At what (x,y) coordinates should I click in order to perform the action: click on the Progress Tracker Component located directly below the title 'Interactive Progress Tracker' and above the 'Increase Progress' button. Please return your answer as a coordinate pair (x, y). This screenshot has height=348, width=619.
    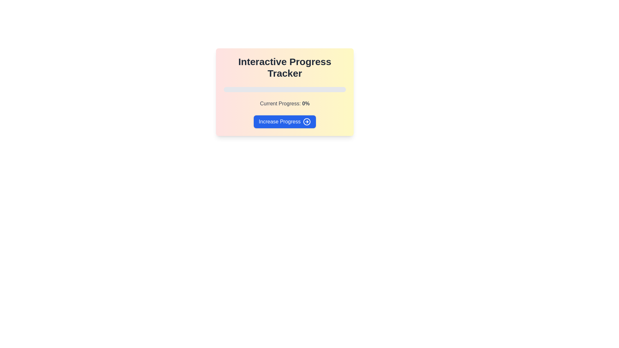
    Looking at the image, I should click on (284, 92).